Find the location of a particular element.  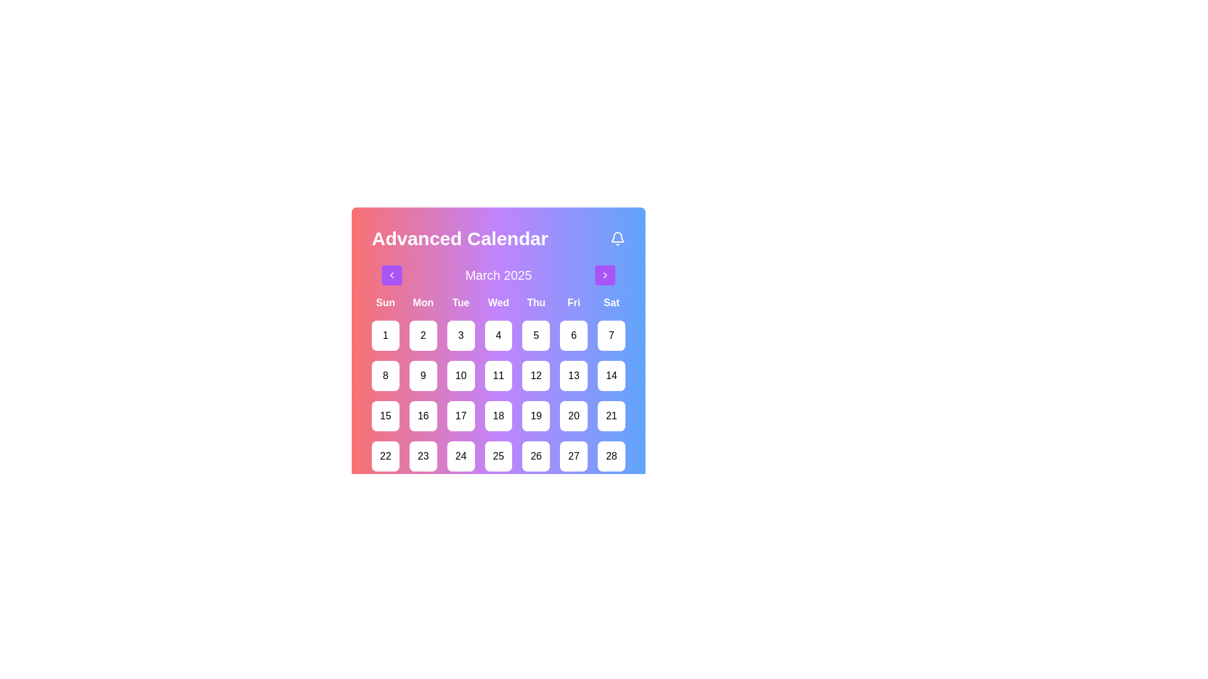

the button representing the date '24' in the March 2025 calendar grid, located in the 4th row and 4th column is located at coordinates (460, 456).